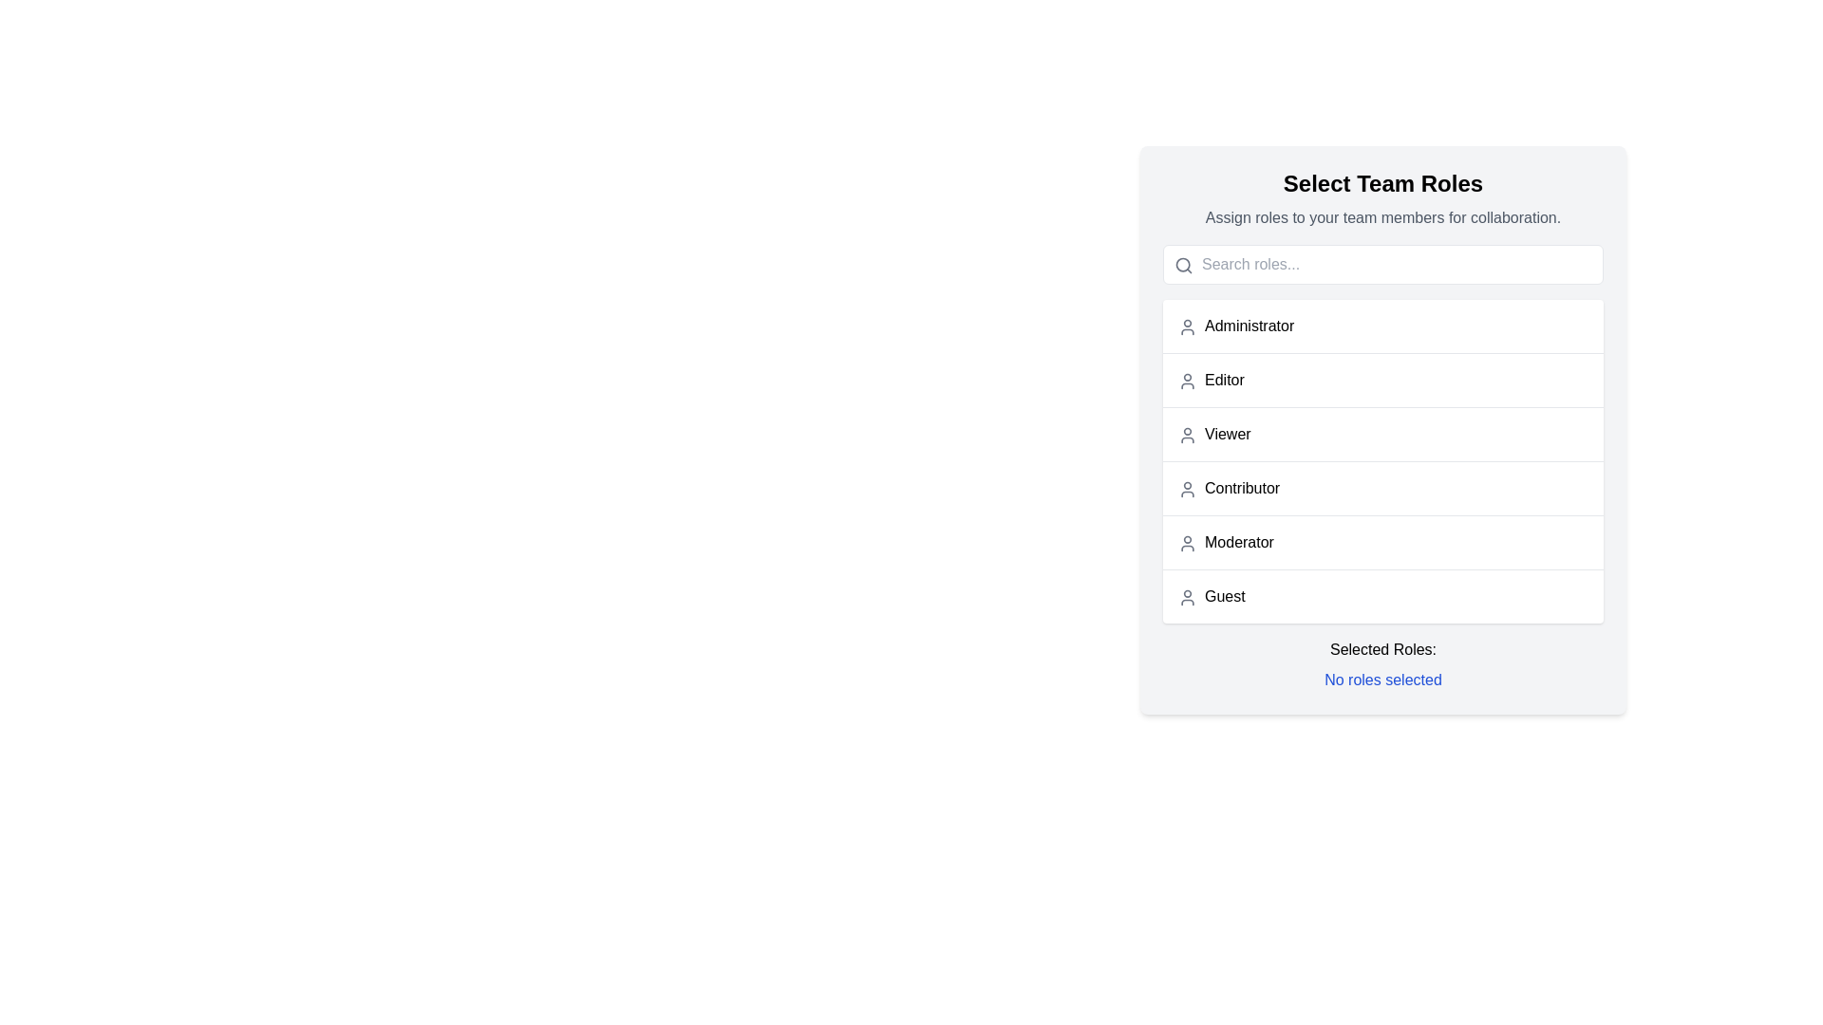 The image size is (1823, 1025). What do you see at coordinates (1383, 649) in the screenshot?
I see `the text label that displays 'Selected Roles:' which is located inside the 'Select Team Roles' panel, above the 'No roles selected' text` at bounding box center [1383, 649].